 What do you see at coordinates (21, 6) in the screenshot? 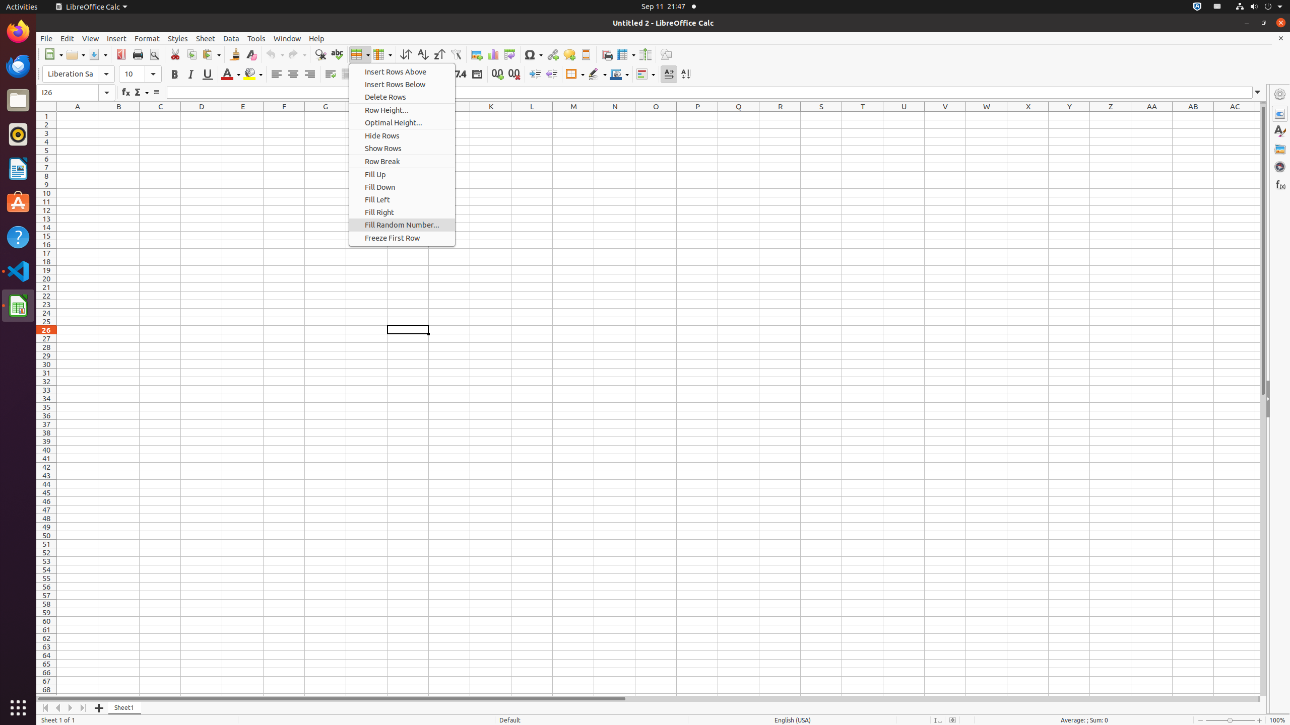
I see `'Activities'` at bounding box center [21, 6].